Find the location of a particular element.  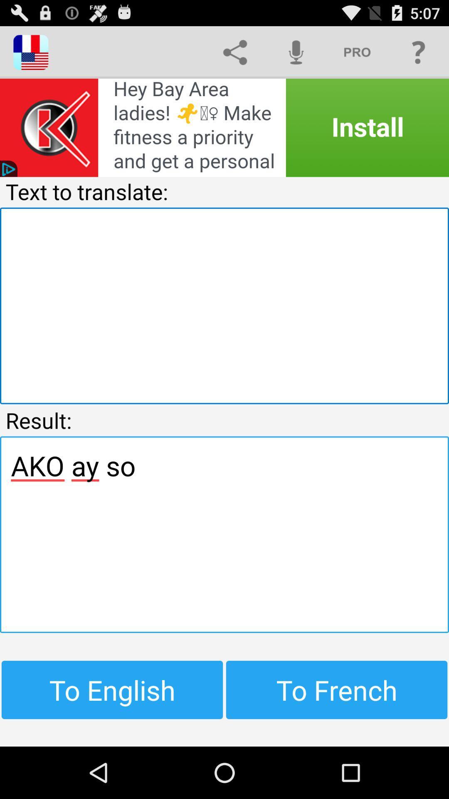

item below ako ay so app is located at coordinates (112, 690).